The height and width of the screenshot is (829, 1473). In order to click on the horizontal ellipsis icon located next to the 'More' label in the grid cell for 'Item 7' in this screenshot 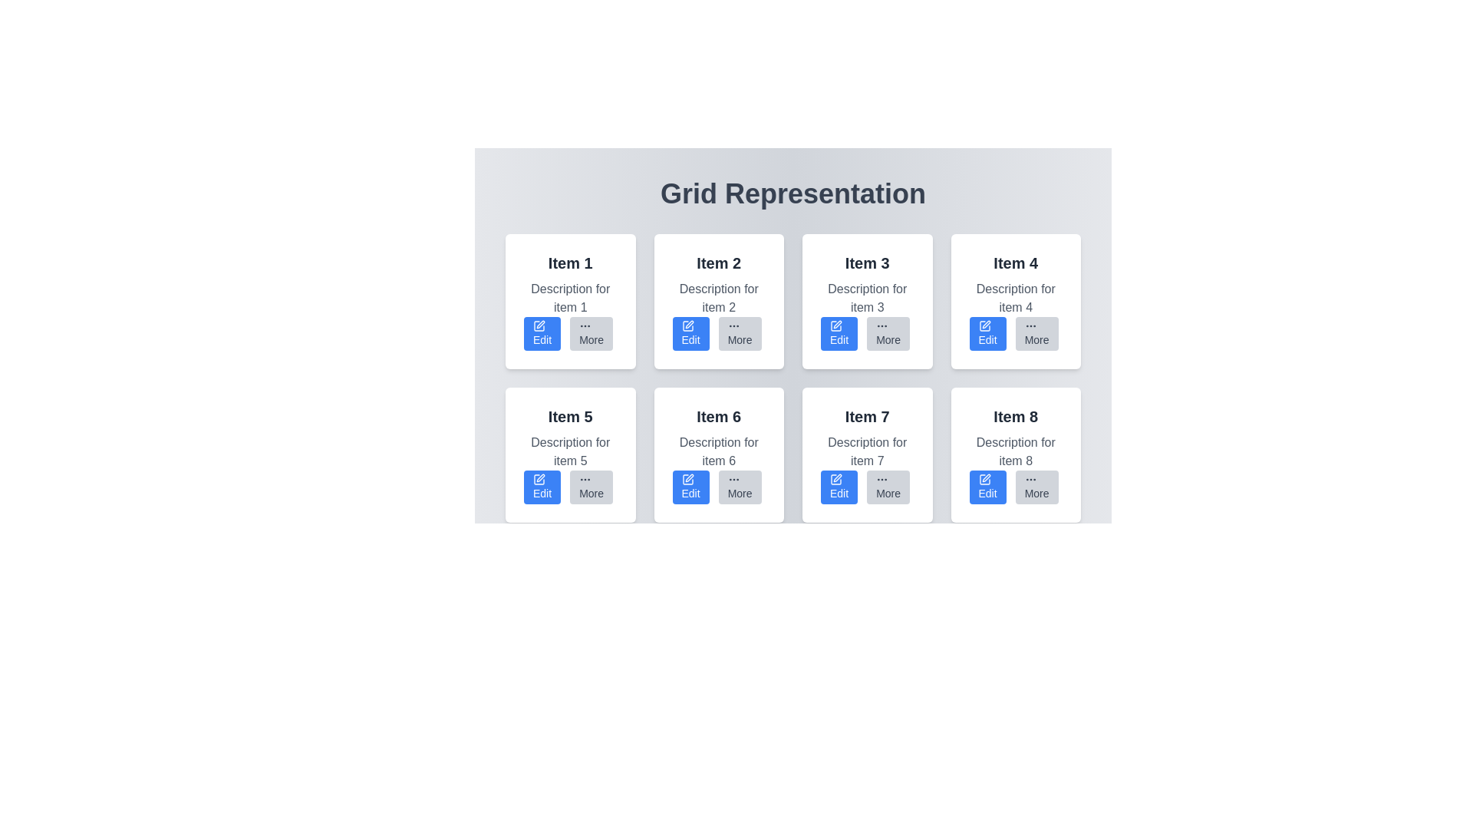, I will do `click(882, 478)`.